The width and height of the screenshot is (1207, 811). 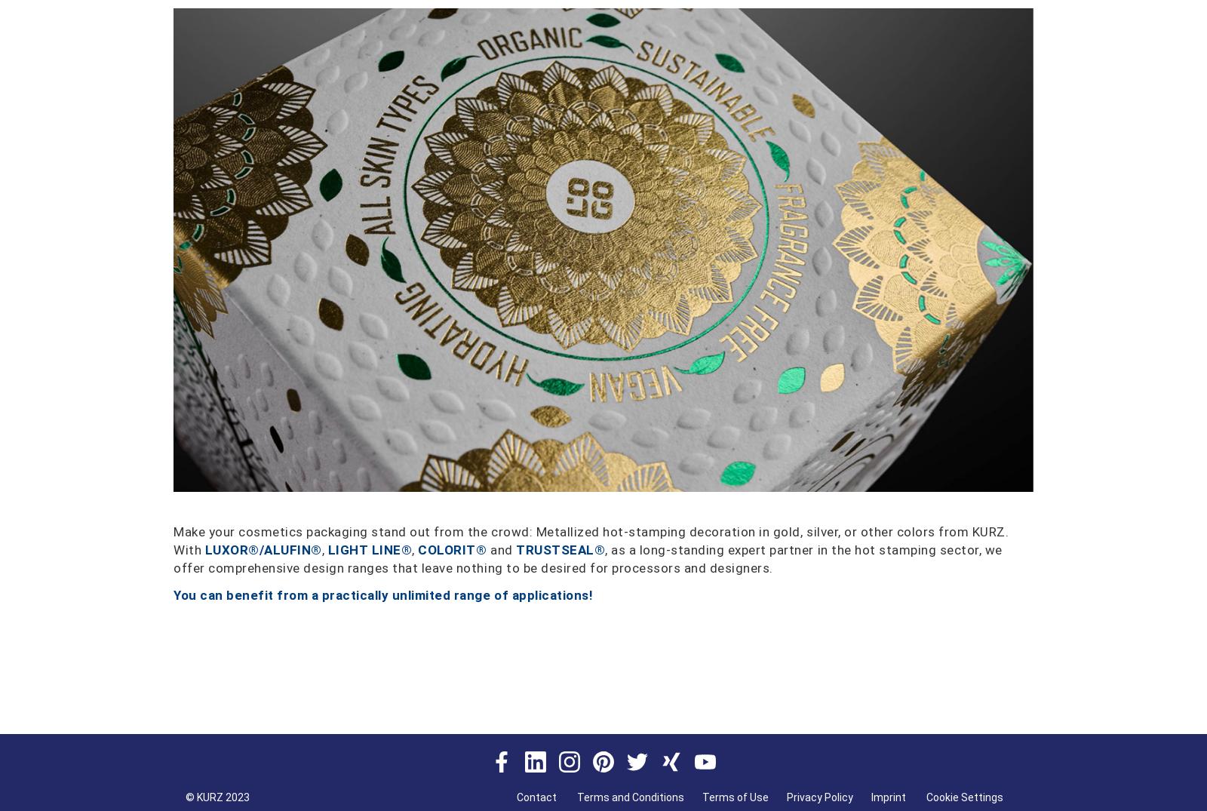 What do you see at coordinates (820, 797) in the screenshot?
I see `'Privacy Policy'` at bounding box center [820, 797].